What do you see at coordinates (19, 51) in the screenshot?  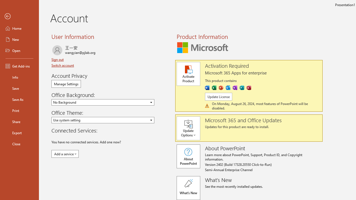 I see `'Open'` at bounding box center [19, 51].